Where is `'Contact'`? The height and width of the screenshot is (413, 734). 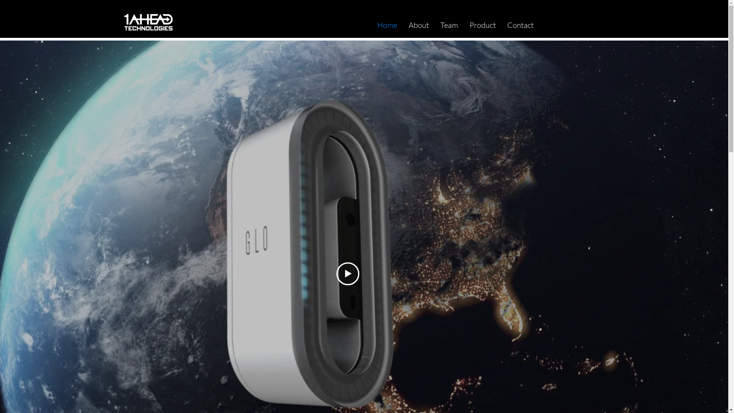
'Contact' is located at coordinates (520, 24).